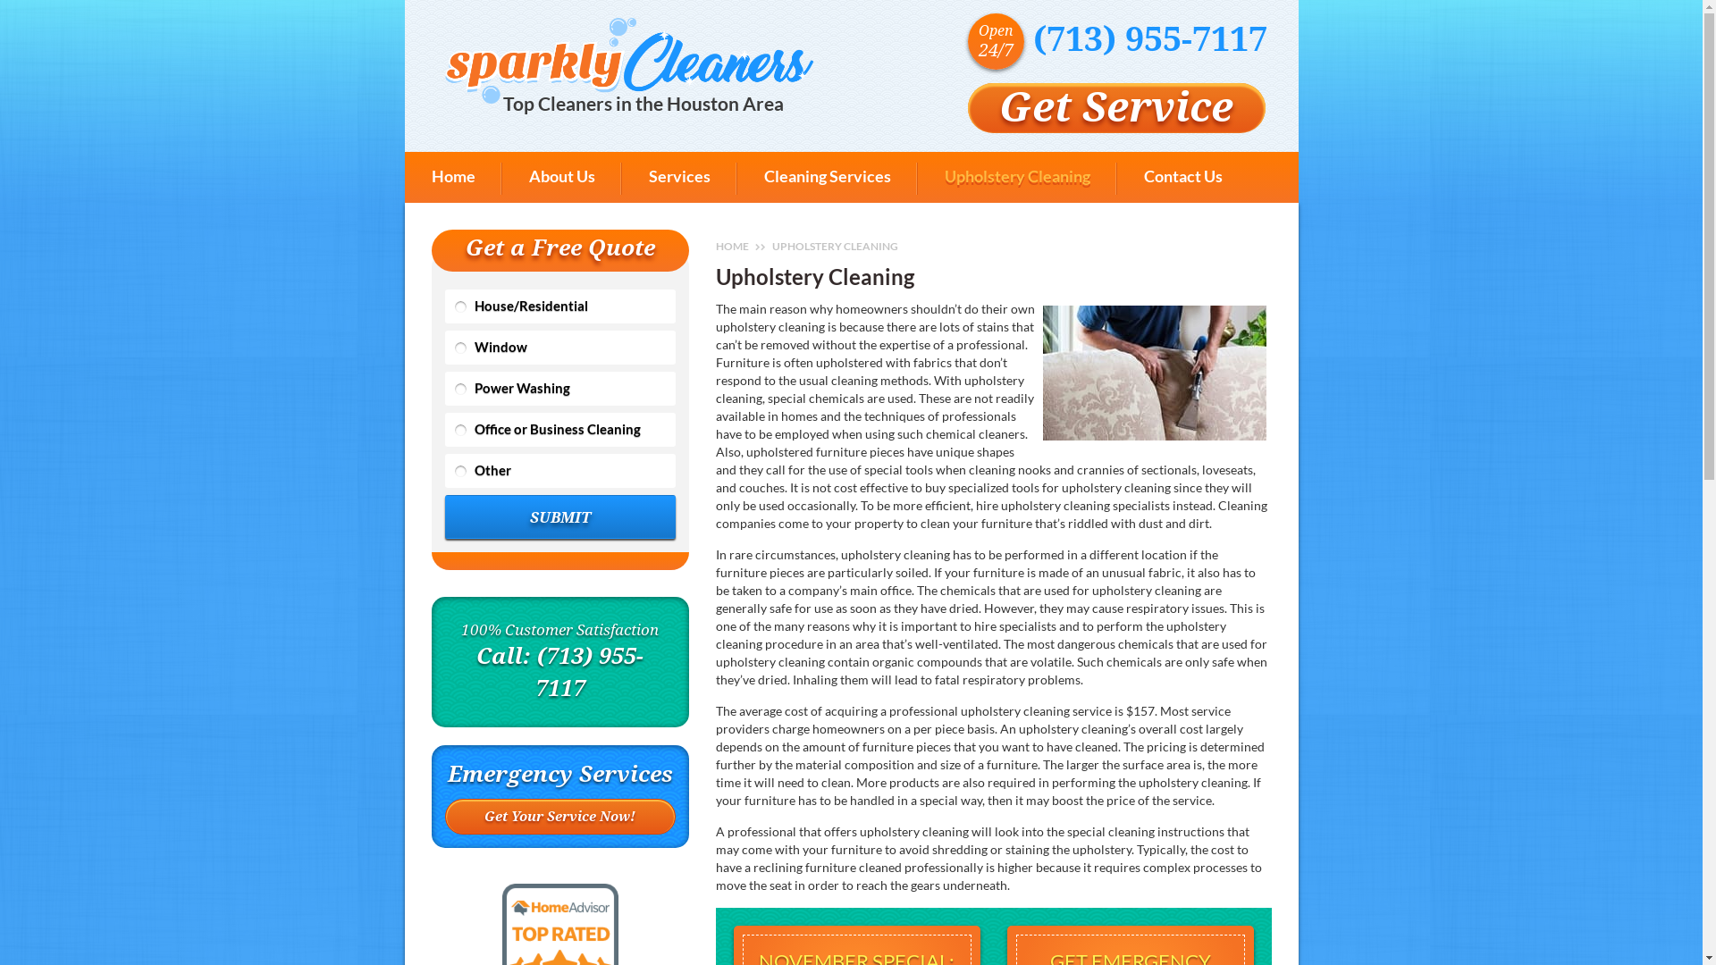 The width and height of the screenshot is (1716, 965). What do you see at coordinates (452, 176) in the screenshot?
I see `'Home'` at bounding box center [452, 176].